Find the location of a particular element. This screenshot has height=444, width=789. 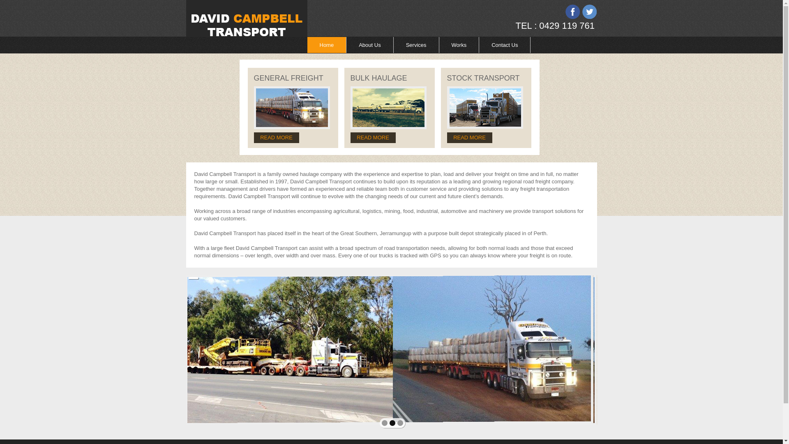

'READ MORE' is located at coordinates (350, 137).